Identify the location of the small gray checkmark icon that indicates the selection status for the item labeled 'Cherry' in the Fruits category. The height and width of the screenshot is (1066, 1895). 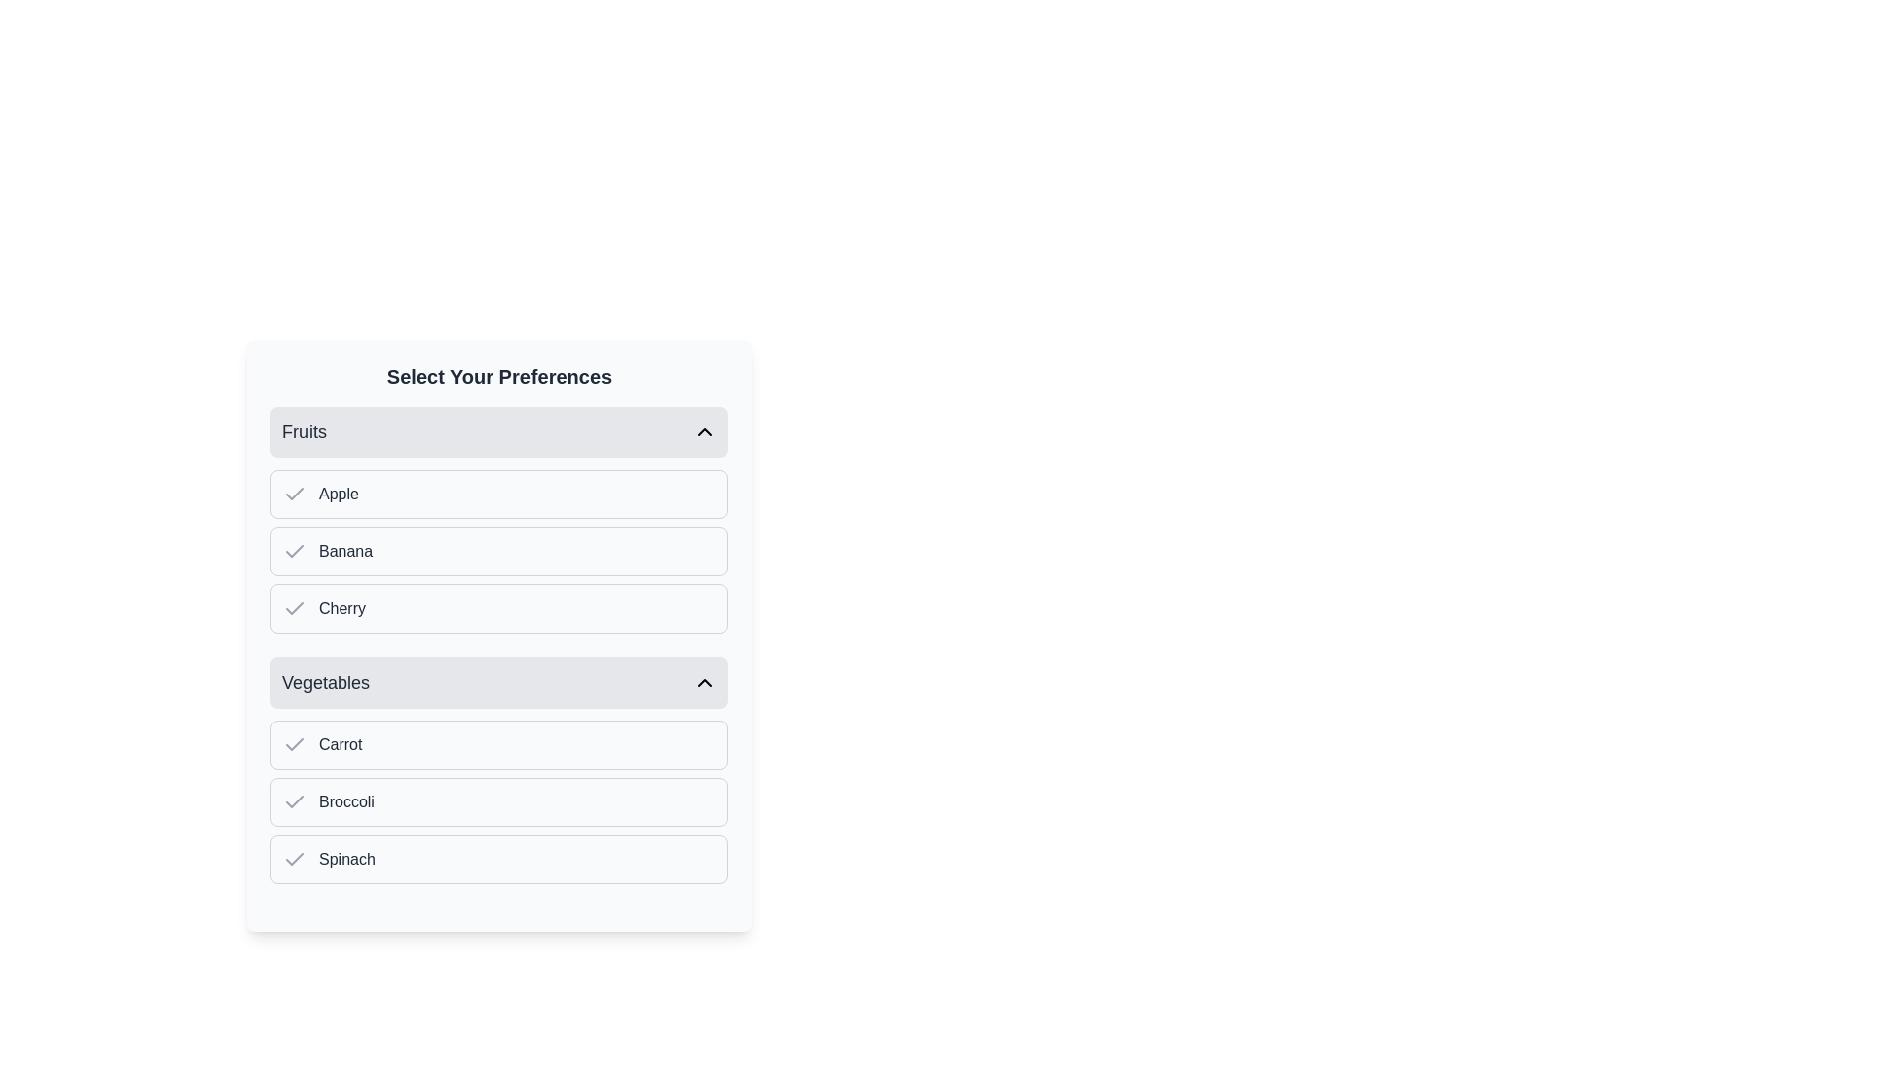
(293, 608).